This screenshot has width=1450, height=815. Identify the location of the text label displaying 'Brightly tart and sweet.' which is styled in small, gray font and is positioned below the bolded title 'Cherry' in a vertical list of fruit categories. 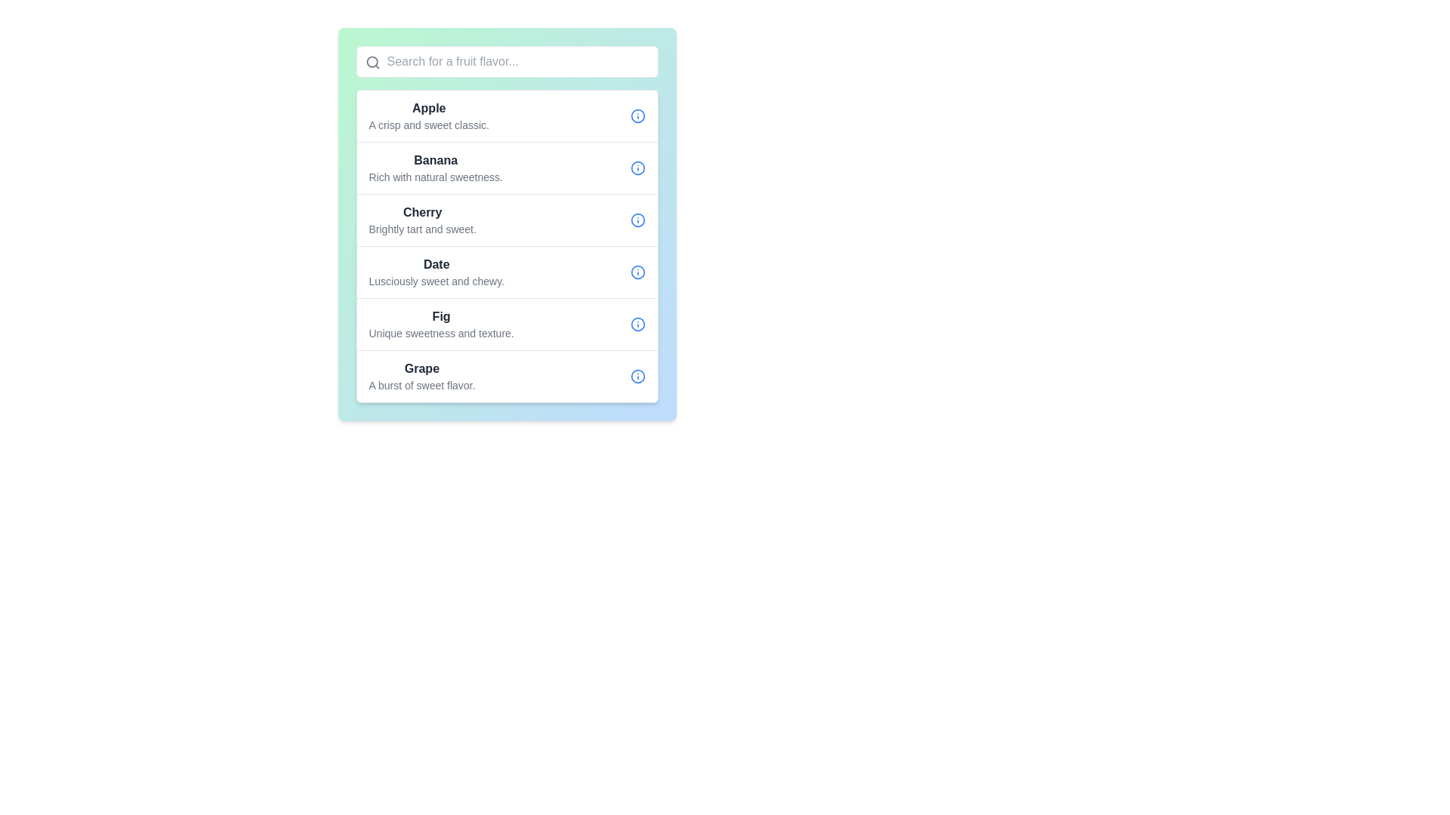
(422, 229).